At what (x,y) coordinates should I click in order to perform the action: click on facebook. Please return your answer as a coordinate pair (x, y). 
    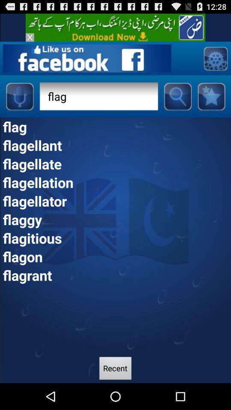
    Looking at the image, I should click on (86, 58).